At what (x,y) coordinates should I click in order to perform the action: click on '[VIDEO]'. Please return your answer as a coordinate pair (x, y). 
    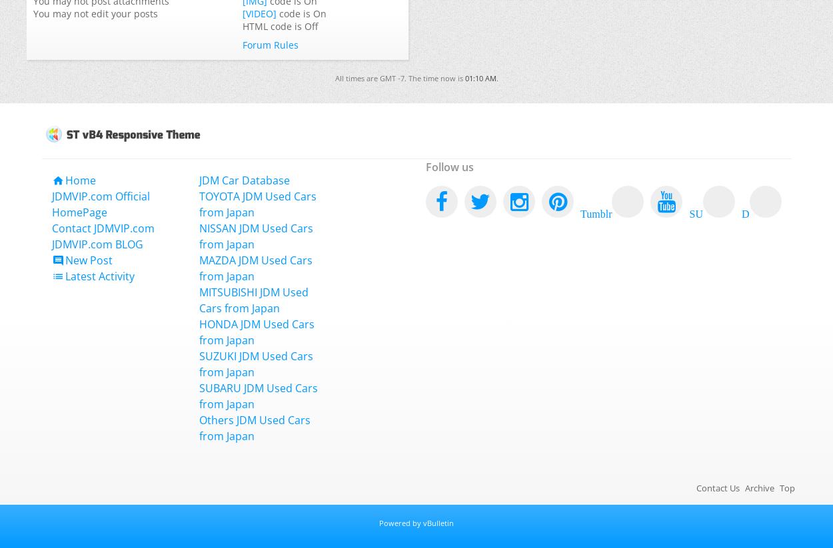
    Looking at the image, I should click on (259, 13).